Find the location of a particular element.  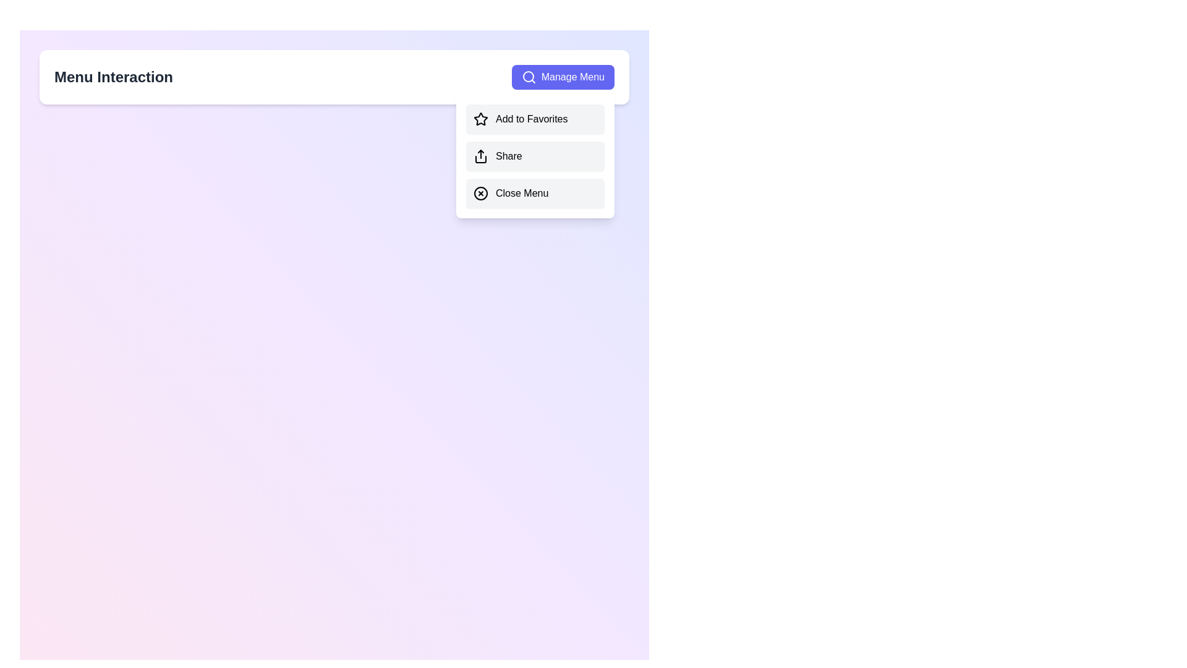

the 'Add to Favorites' icon is located at coordinates (480, 119).